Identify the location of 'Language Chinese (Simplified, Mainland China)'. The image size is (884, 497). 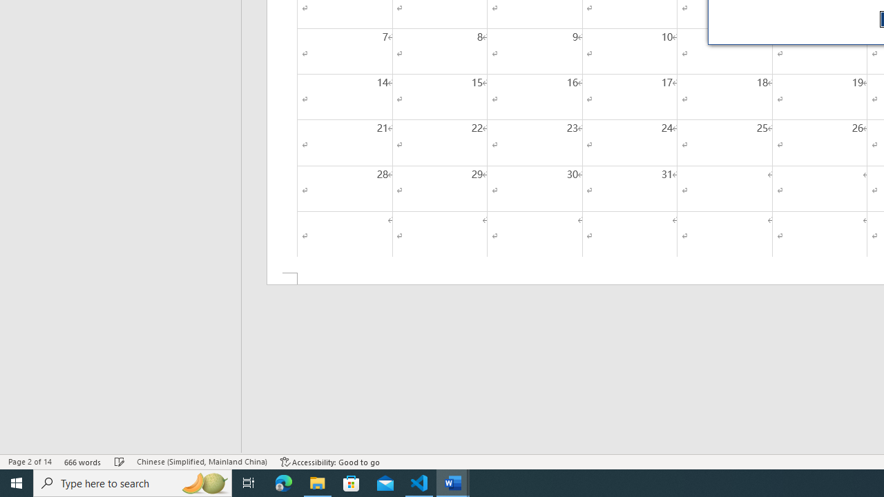
(201, 462).